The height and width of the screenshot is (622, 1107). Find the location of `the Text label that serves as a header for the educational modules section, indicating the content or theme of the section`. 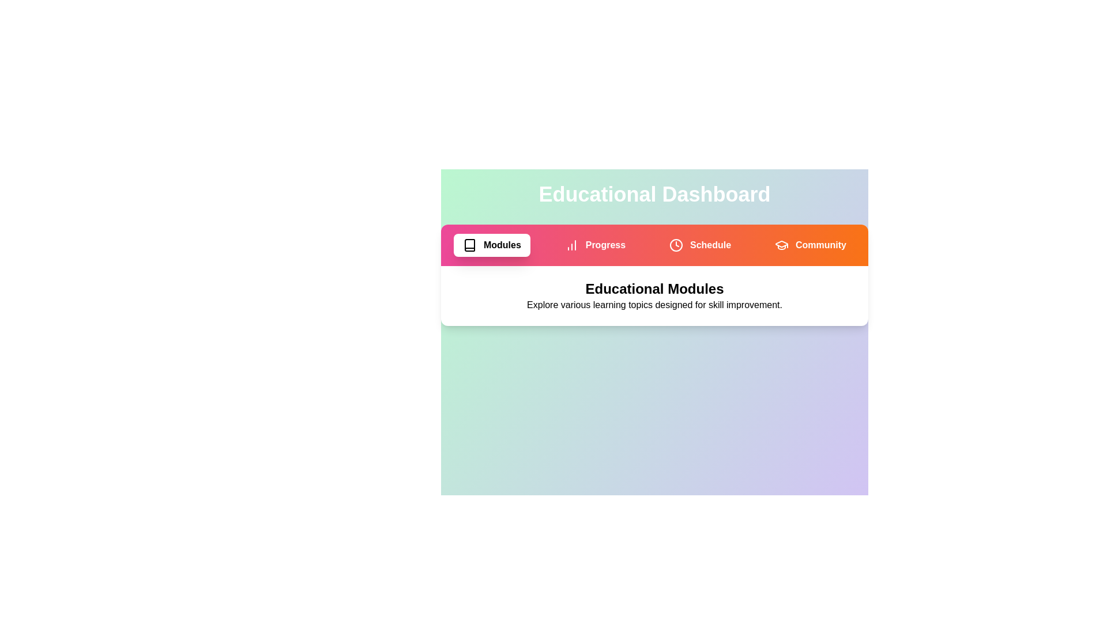

the Text label that serves as a header for the educational modules section, indicating the content or theme of the section is located at coordinates (654, 288).